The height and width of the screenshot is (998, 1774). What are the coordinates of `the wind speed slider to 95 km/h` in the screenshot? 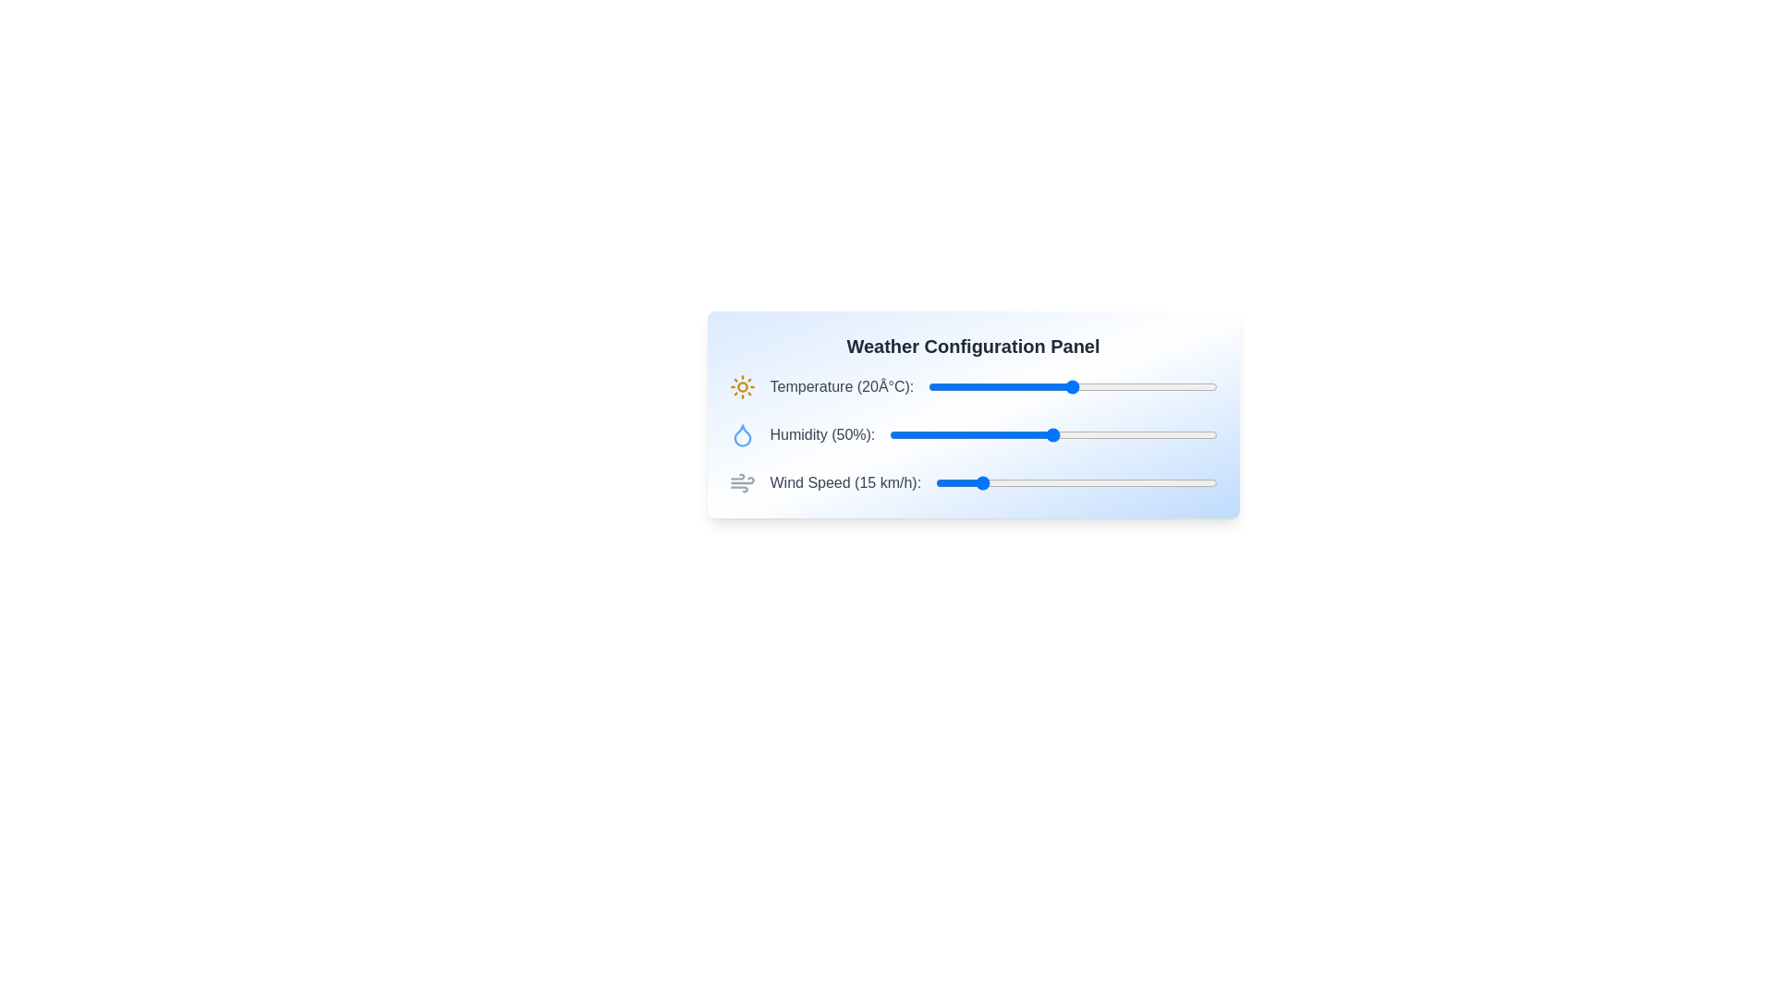 It's located at (1203, 482).